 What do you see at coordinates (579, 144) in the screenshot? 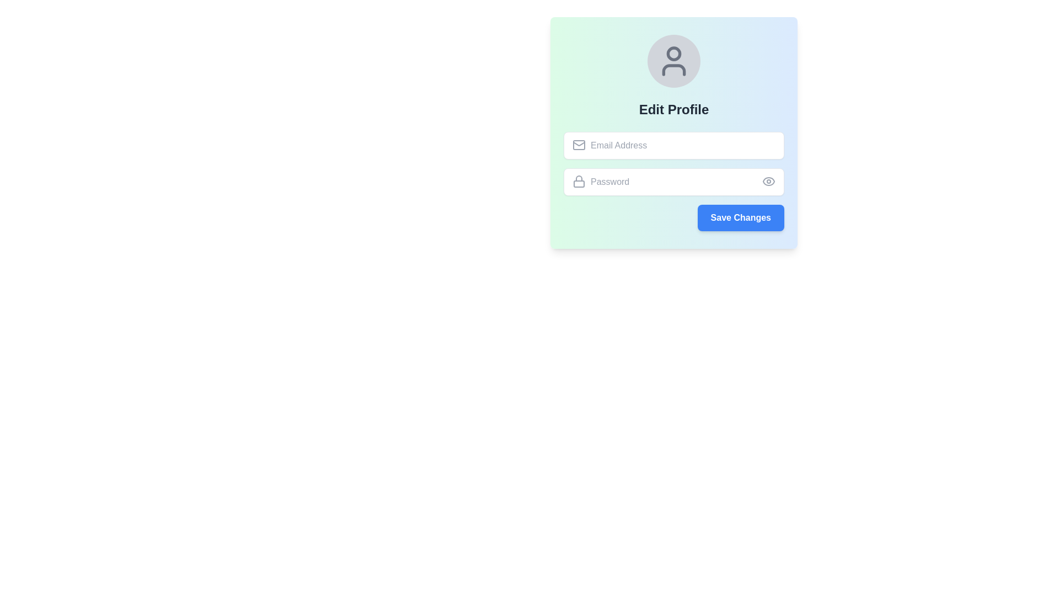
I see `the decorative email address icon located to the left of the 'Email Address' input field, which visually indicates the field's purpose` at bounding box center [579, 144].